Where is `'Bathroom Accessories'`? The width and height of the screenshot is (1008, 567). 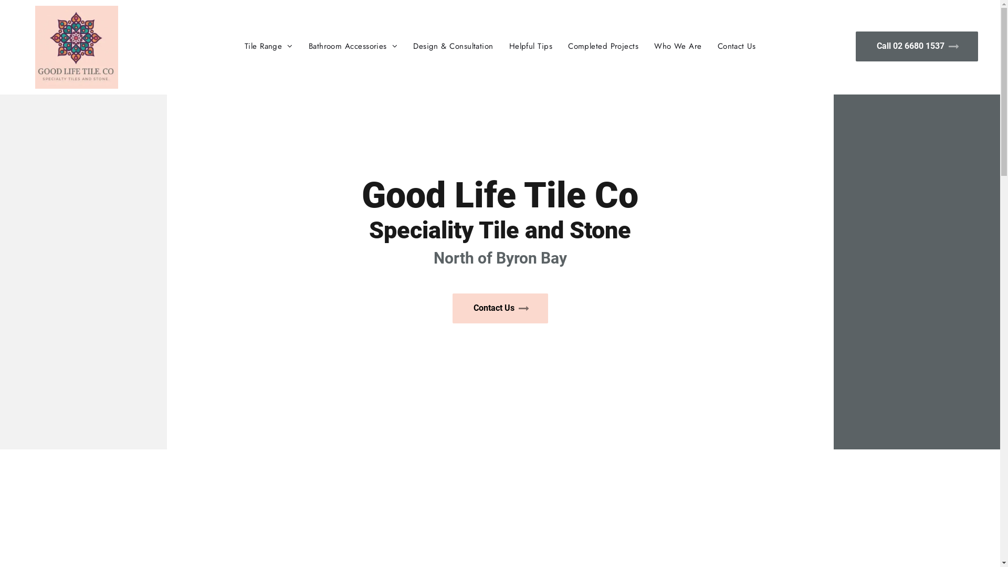
'Bathroom Accessories' is located at coordinates (300, 46).